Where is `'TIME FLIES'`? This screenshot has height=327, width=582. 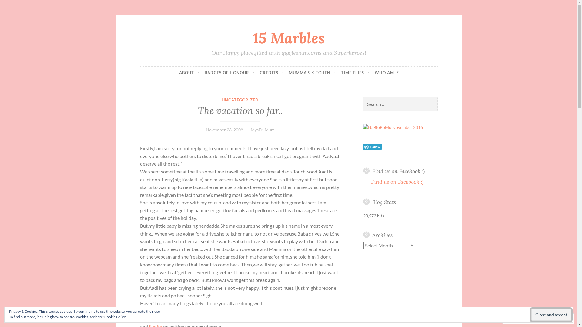 'TIME FLIES' is located at coordinates (355, 72).